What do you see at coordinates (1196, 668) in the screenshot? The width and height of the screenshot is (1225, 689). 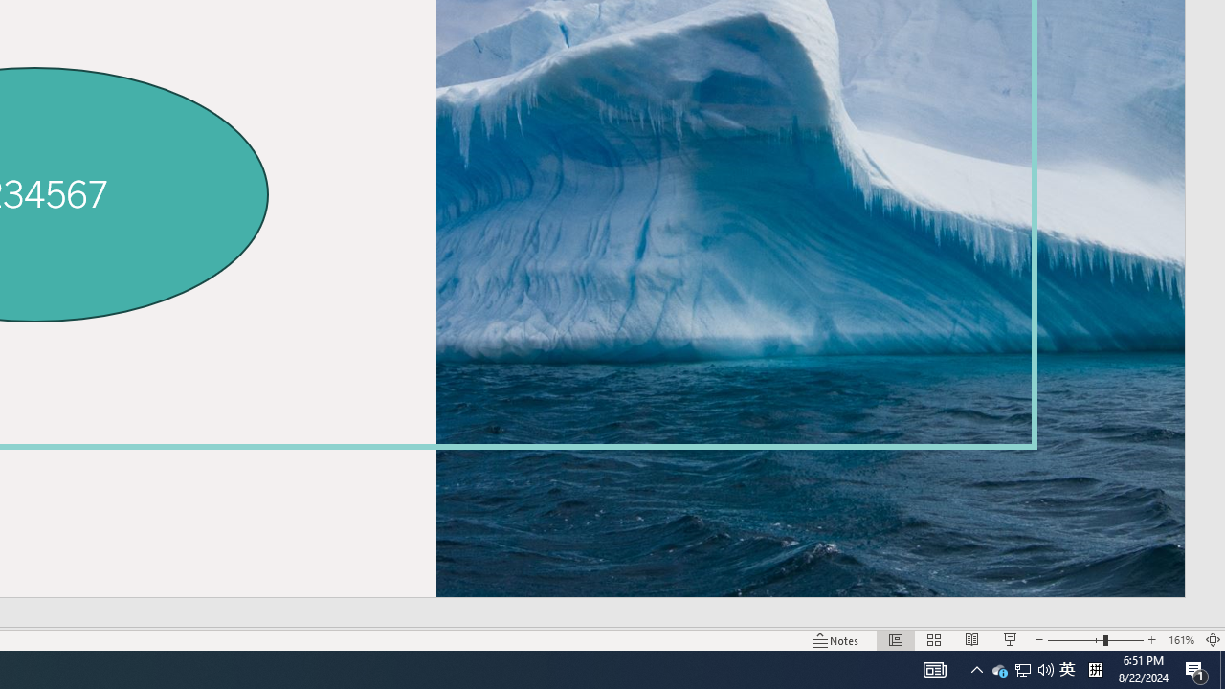 I see `'Action Center, 1 new notification'` at bounding box center [1196, 668].